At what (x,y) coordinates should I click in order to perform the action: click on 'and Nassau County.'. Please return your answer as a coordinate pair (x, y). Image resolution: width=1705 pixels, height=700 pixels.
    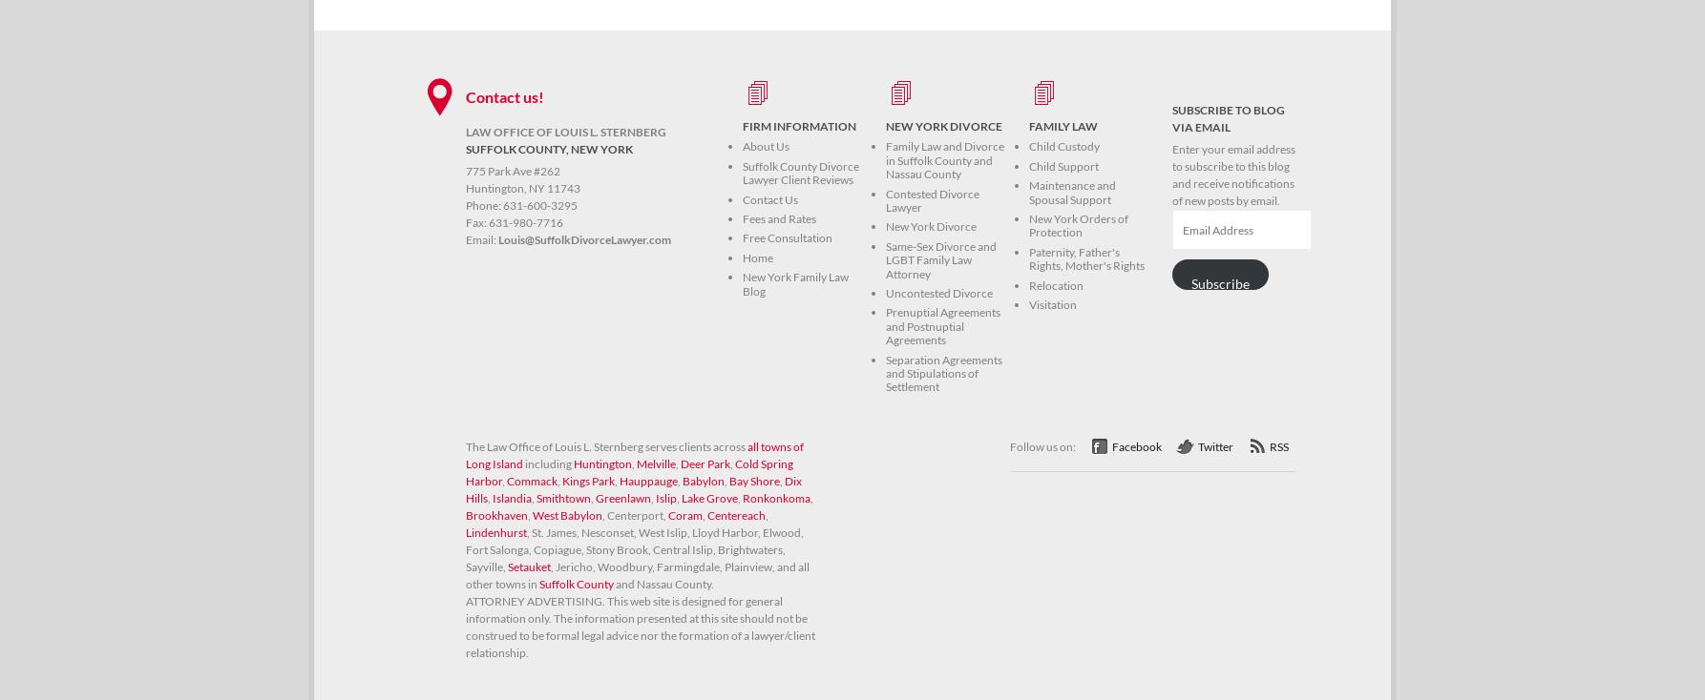
    Looking at the image, I should click on (613, 583).